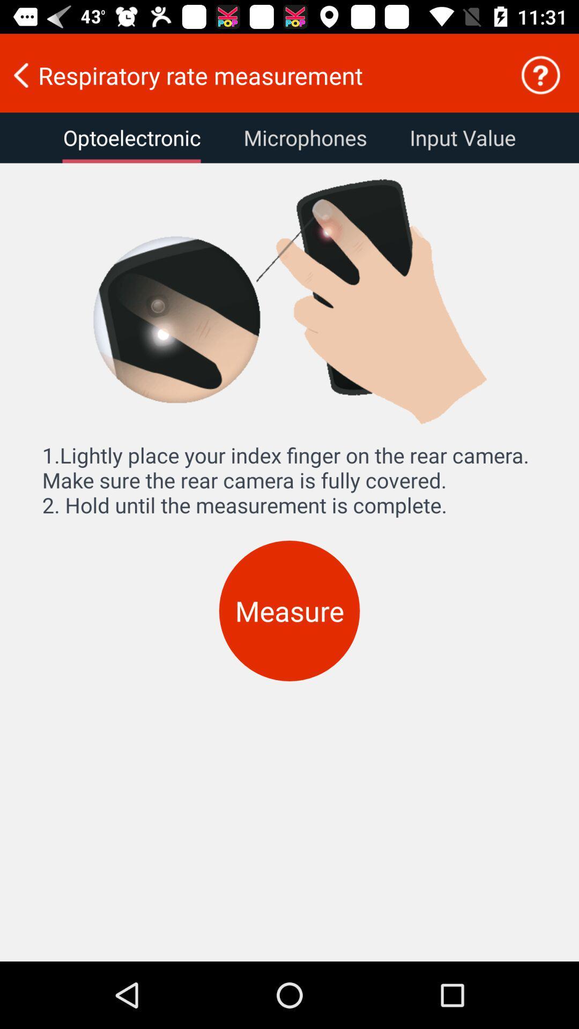 The width and height of the screenshot is (579, 1029). Describe the element at coordinates (540, 74) in the screenshot. I see `move to help` at that location.